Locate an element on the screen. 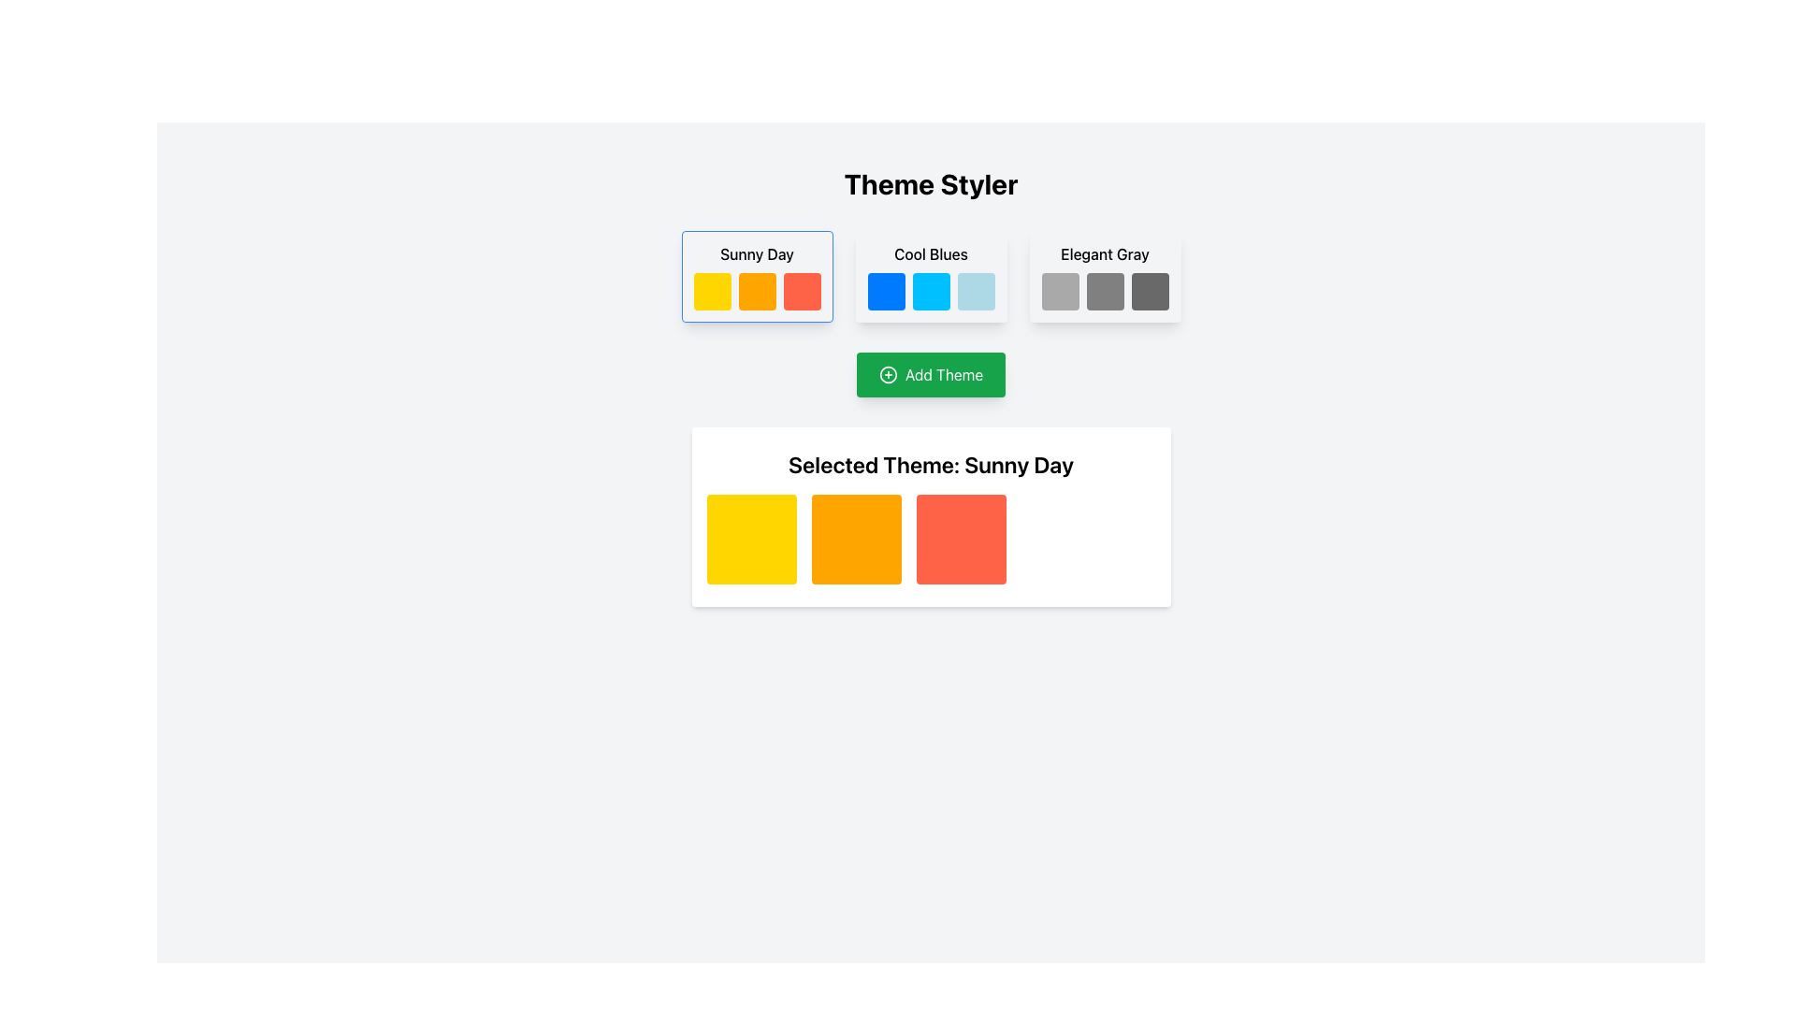  the third square of the 'Sunny Day' theme color palette, which visually represents the third color in the arrangement of three squares is located at coordinates (802, 292).